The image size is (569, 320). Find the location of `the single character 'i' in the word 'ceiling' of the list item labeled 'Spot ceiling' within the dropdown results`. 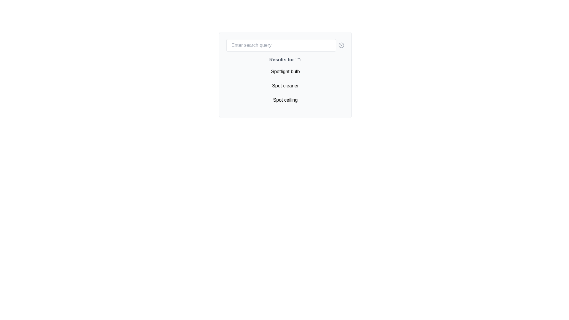

the single character 'i' in the word 'ceiling' of the list item labeled 'Spot ceiling' within the dropdown results is located at coordinates (292, 100).